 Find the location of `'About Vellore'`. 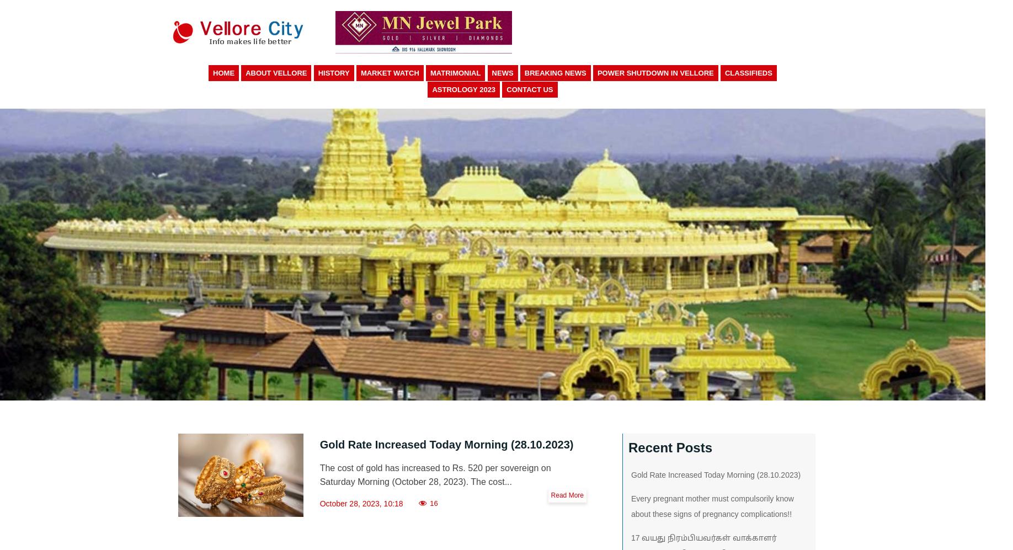

'About Vellore' is located at coordinates (276, 73).